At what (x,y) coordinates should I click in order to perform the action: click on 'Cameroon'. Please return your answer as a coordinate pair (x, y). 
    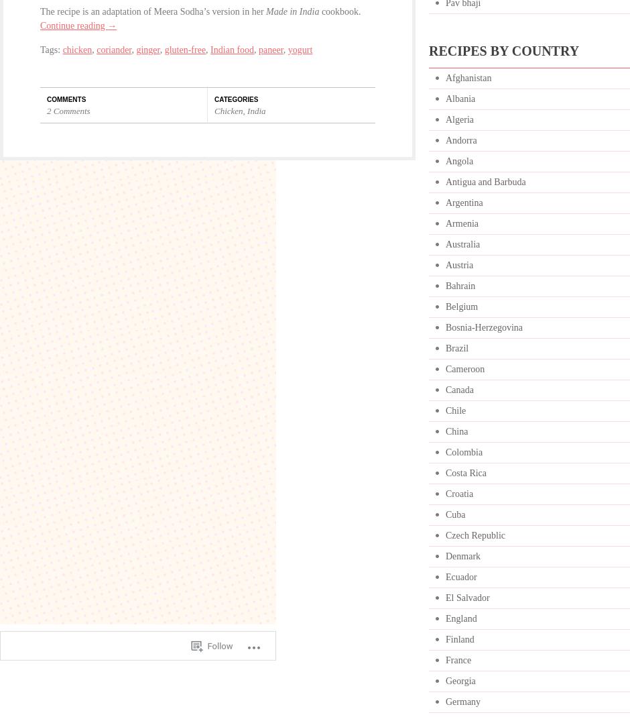
    Looking at the image, I should click on (464, 369).